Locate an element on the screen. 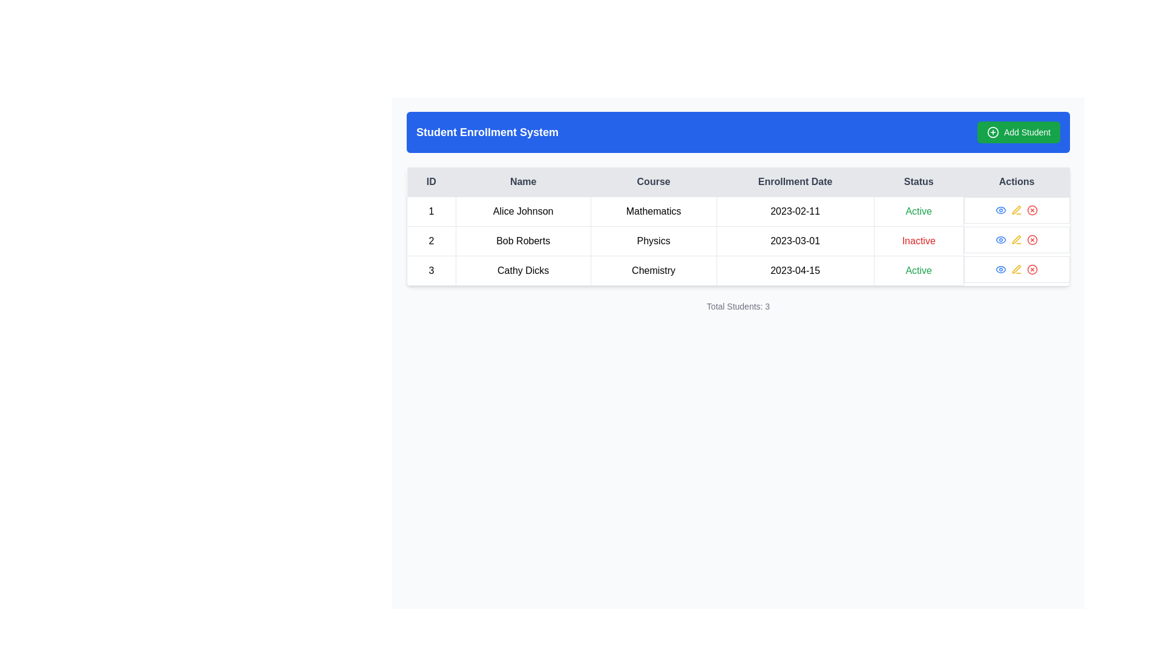 This screenshot has height=653, width=1162. the sixth column header of the table, which indicates the column for action buttons related to each entry is located at coordinates (1017, 182).